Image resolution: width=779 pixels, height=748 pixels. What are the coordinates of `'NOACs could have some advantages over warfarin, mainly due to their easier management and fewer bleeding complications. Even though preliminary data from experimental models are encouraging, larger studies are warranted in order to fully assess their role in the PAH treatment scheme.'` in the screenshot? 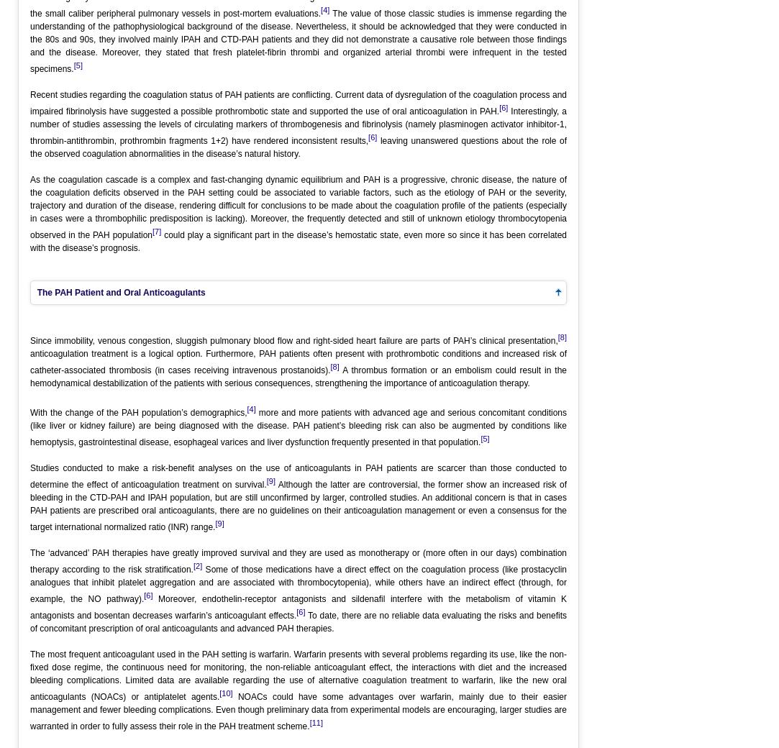 It's located at (299, 711).